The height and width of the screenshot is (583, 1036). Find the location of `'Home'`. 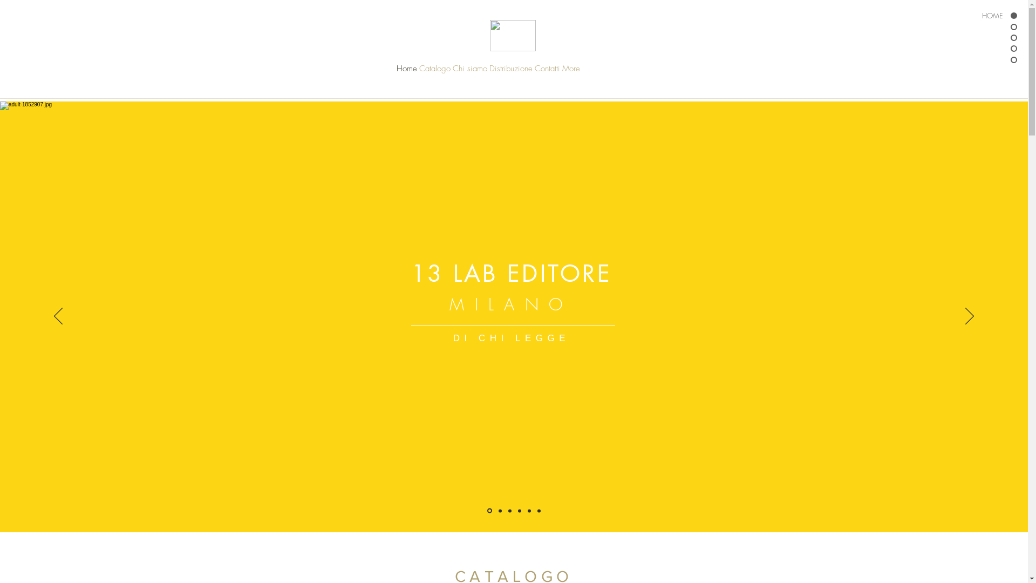

'Home' is located at coordinates (406, 71).